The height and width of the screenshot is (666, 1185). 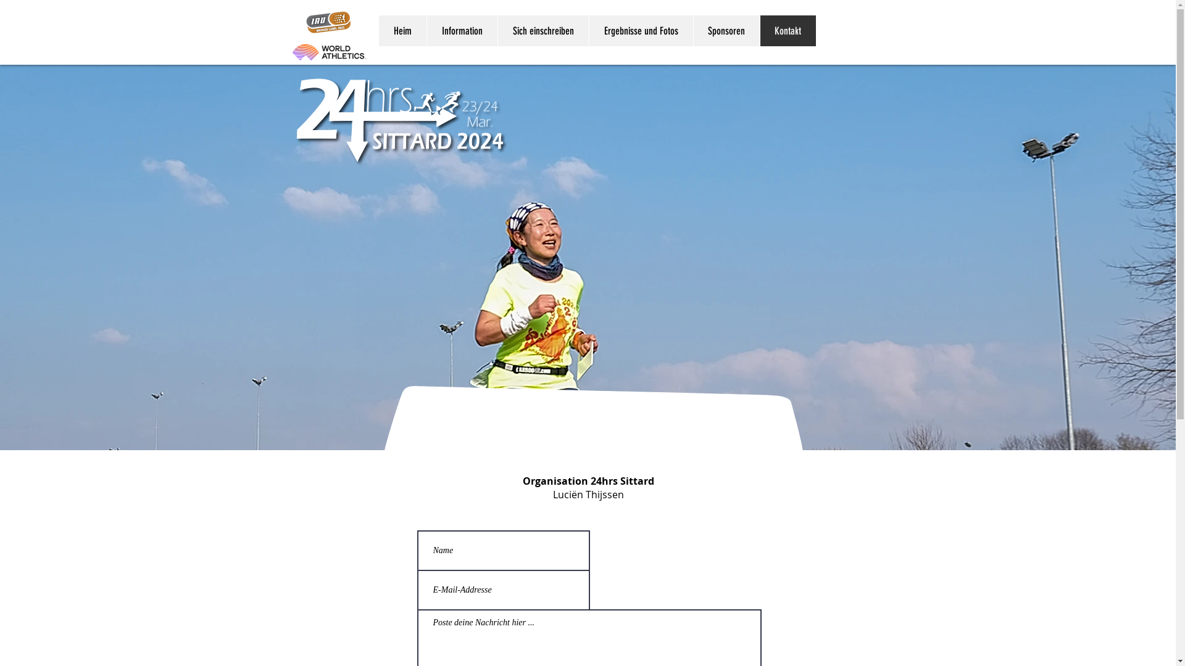 I want to click on 'Sich einschreiben', so click(x=543, y=30).